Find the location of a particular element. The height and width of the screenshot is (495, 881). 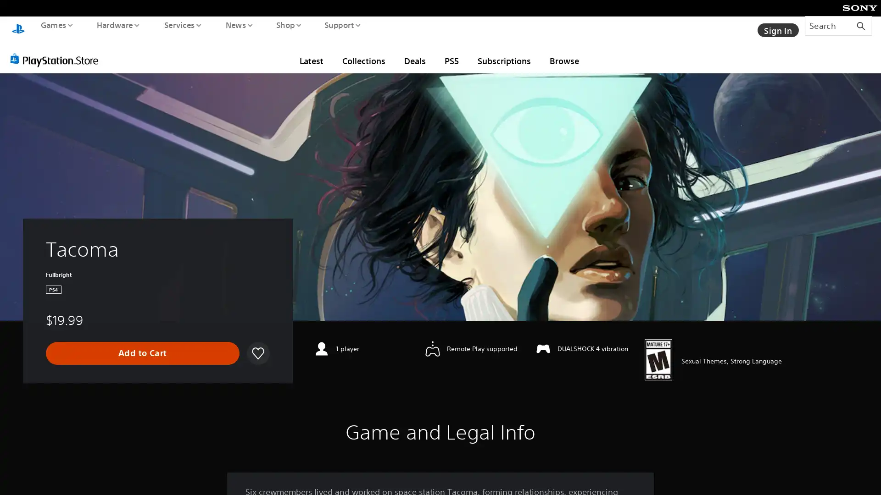

Add to Wishlist is located at coordinates (257, 344).